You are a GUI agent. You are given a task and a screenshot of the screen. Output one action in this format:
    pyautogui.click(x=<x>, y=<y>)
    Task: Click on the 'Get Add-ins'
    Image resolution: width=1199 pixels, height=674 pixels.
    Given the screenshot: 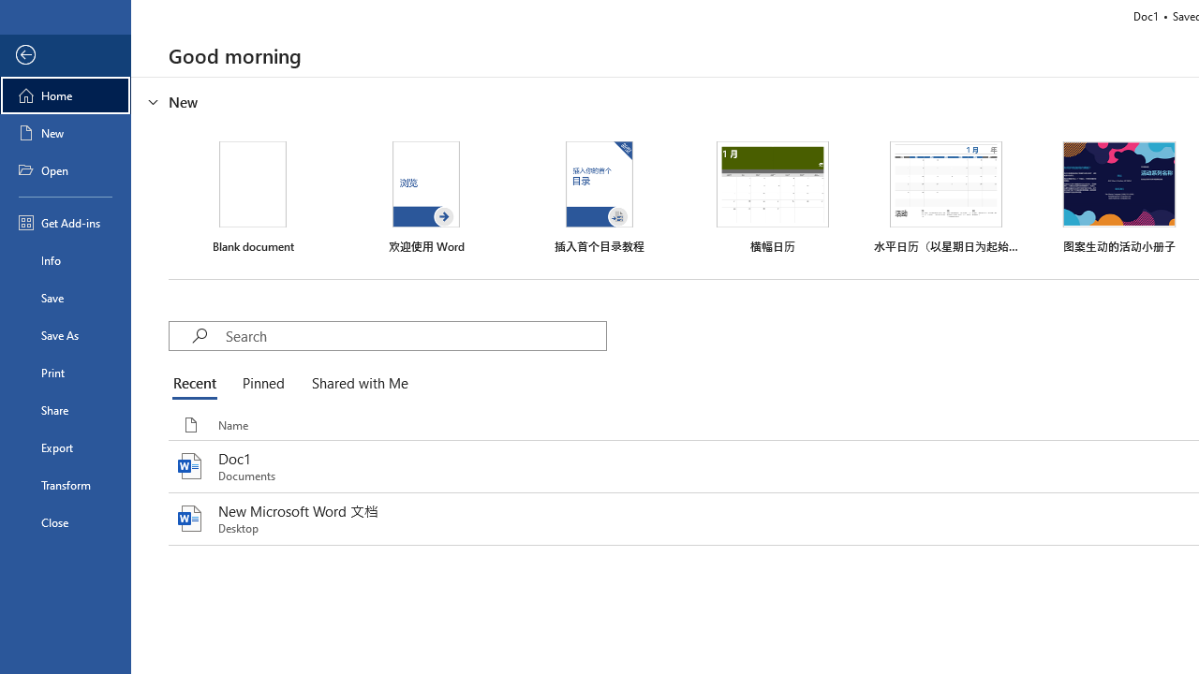 What is the action you would take?
    pyautogui.click(x=65, y=221)
    